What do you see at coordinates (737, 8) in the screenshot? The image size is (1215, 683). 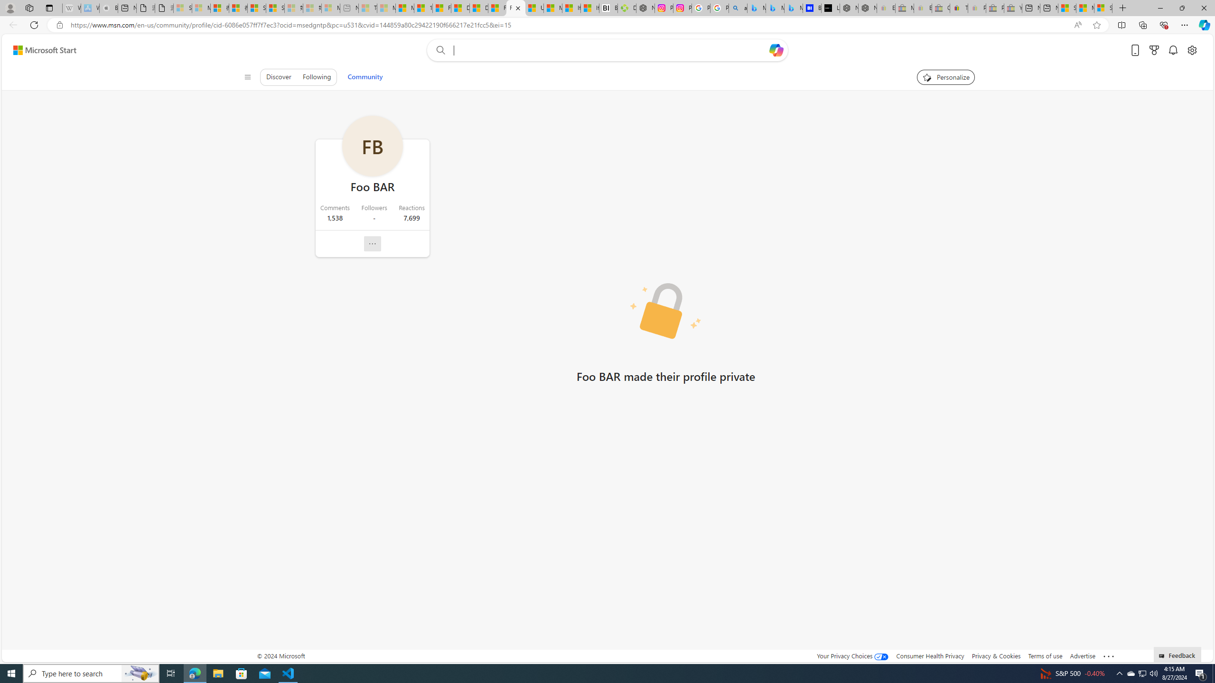 I see `'alabama high school quarterback dies - Search'` at bounding box center [737, 8].